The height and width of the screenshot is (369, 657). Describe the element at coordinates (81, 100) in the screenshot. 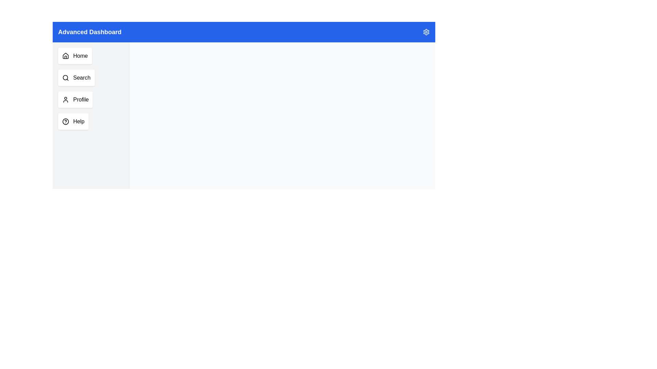

I see `the 'Profile' text label in the sidebar, which is styled with a simple font and positioned next to a user icon` at that location.